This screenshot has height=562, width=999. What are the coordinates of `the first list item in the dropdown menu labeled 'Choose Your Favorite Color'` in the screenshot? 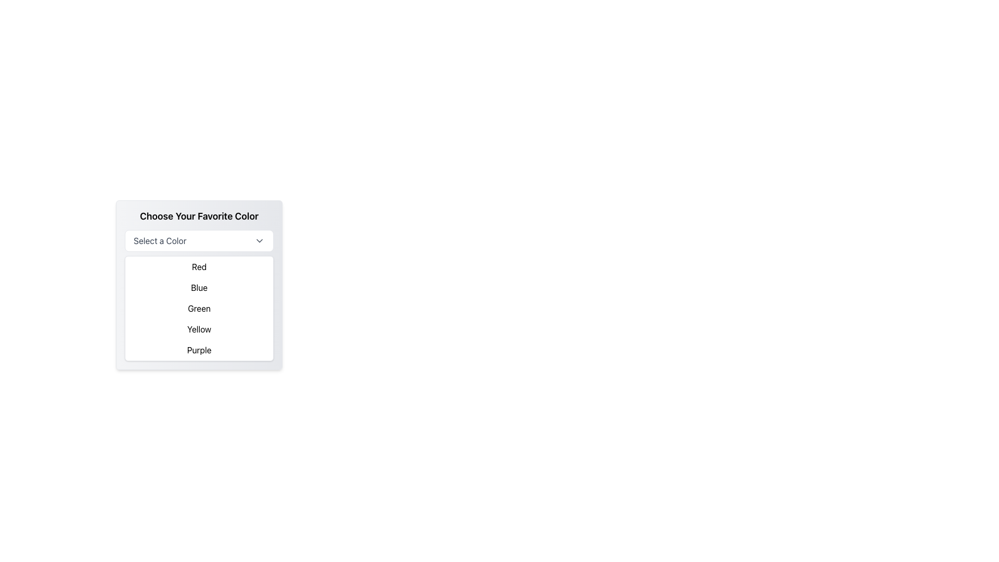 It's located at (199, 266).